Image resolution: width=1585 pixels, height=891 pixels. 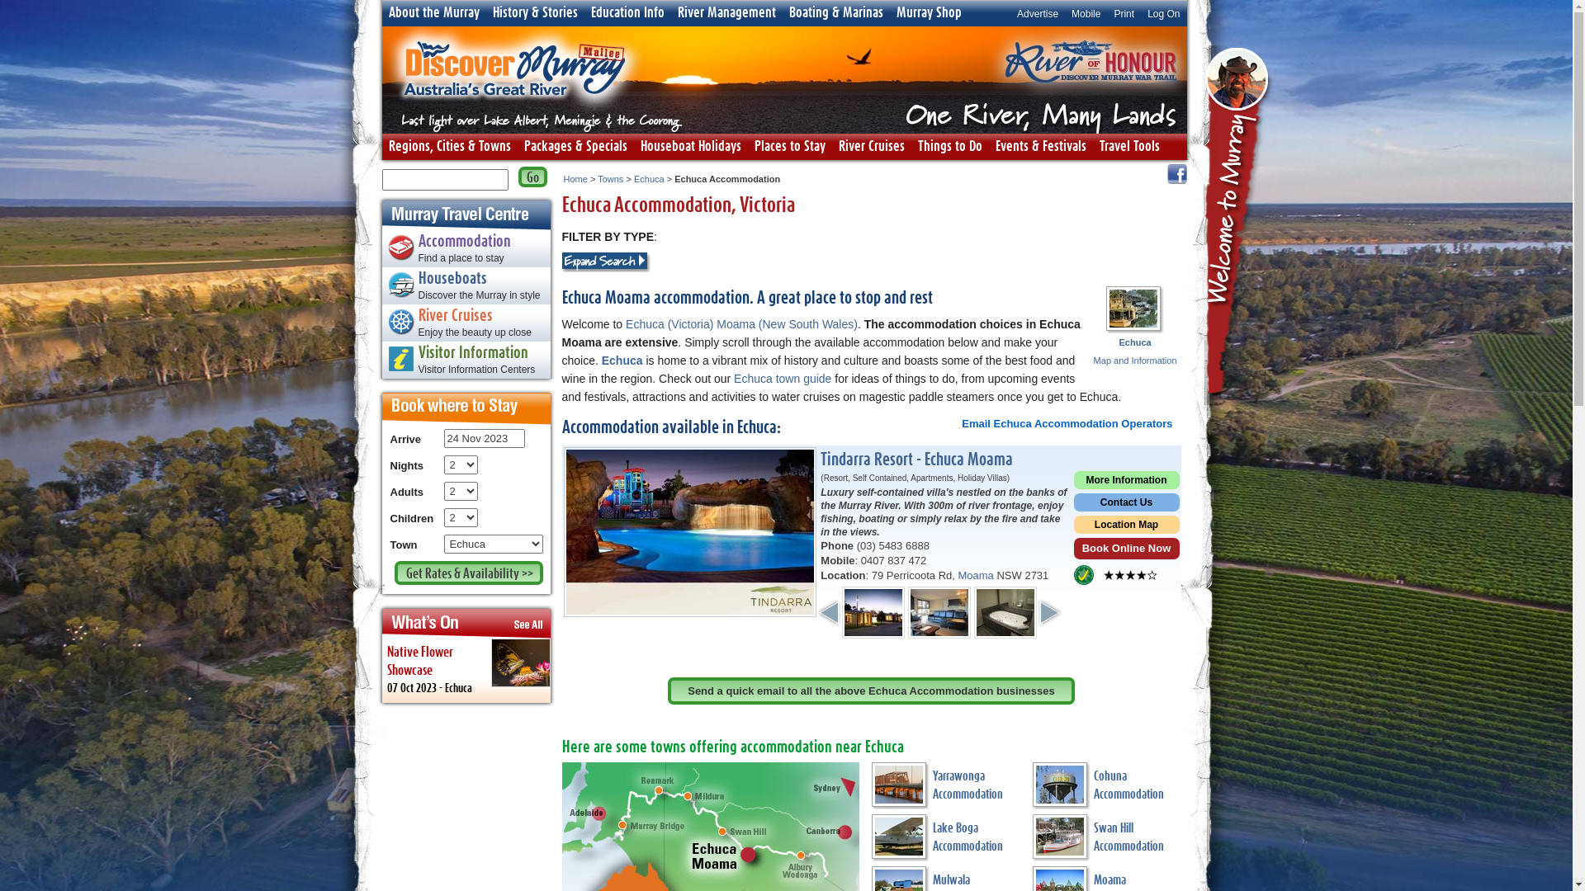 I want to click on 'Events & Festivals', so click(x=1040, y=145).